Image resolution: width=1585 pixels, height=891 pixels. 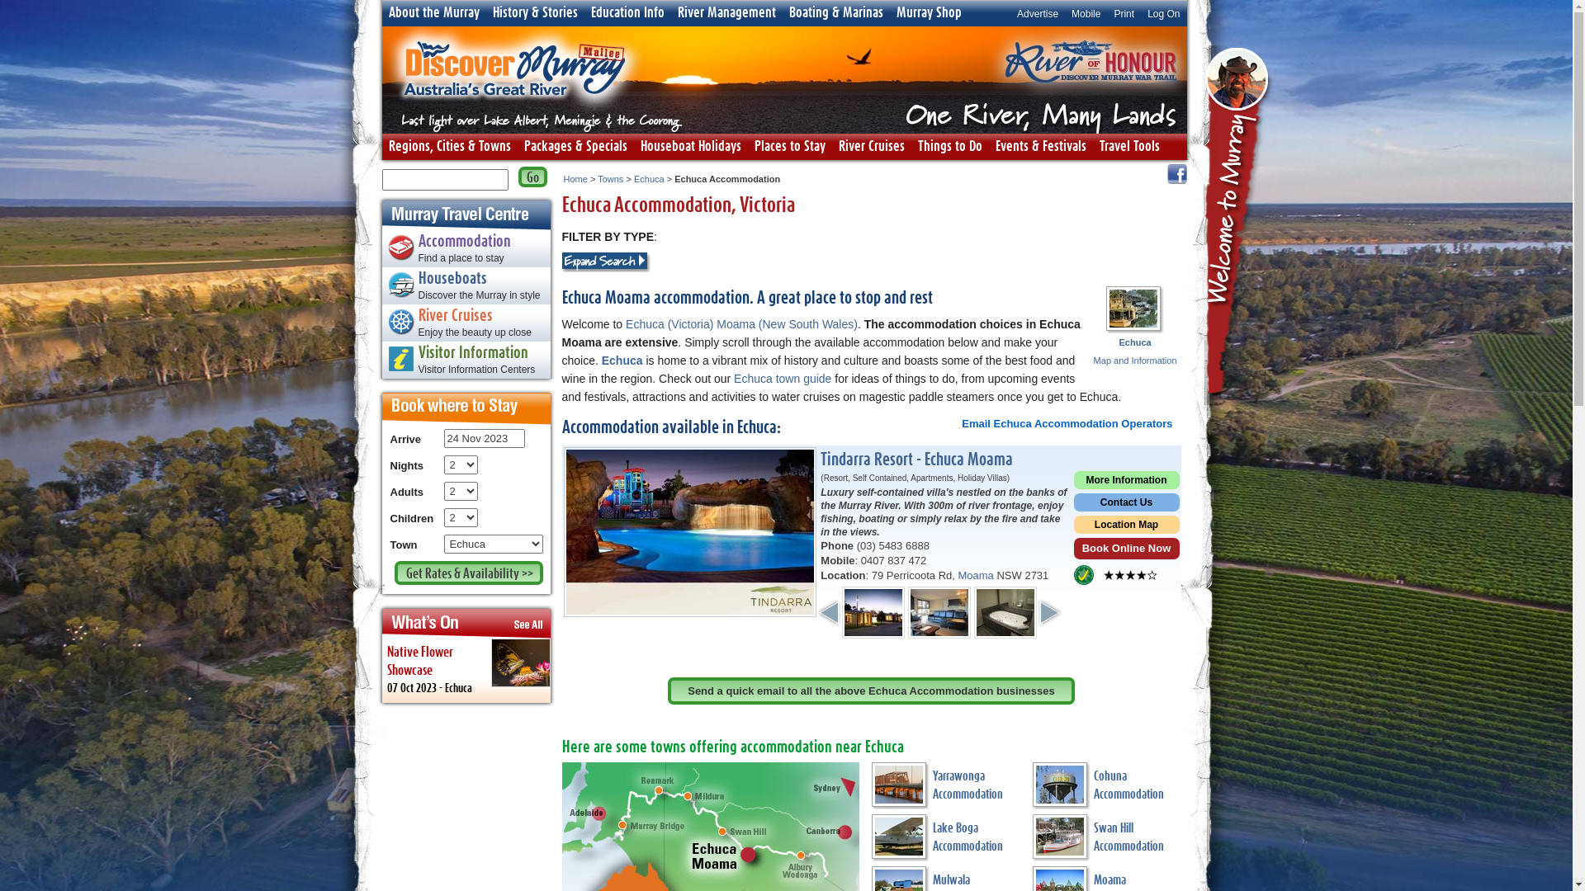 I want to click on 'Events & Festivals', so click(x=1040, y=145).